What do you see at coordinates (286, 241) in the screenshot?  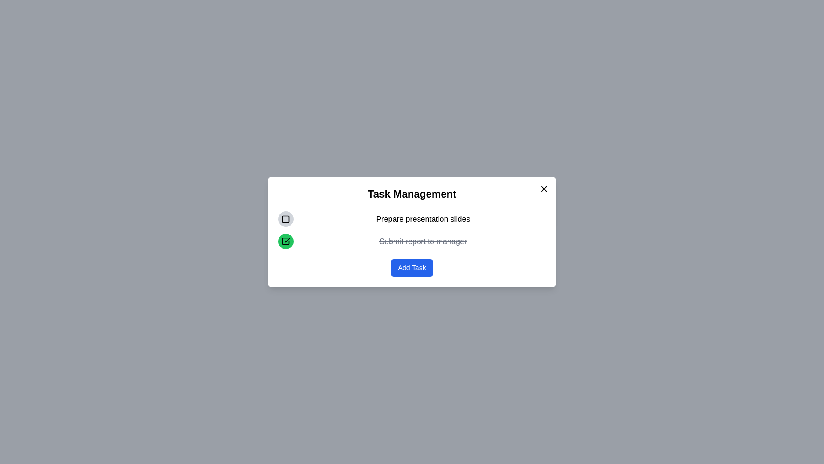 I see `the toggle button located to the left of the strikethrough text 'Submit report to manager' and below the top task 'Prepare presentation slides'` at bounding box center [286, 241].